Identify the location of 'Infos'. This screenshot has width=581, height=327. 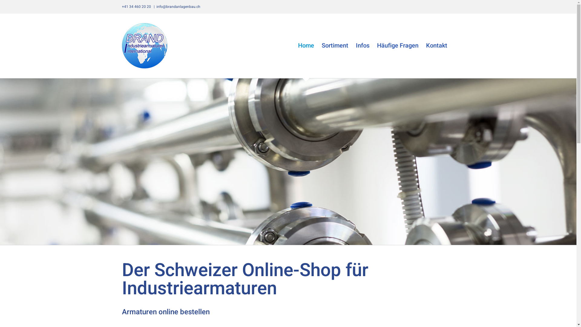
(363, 45).